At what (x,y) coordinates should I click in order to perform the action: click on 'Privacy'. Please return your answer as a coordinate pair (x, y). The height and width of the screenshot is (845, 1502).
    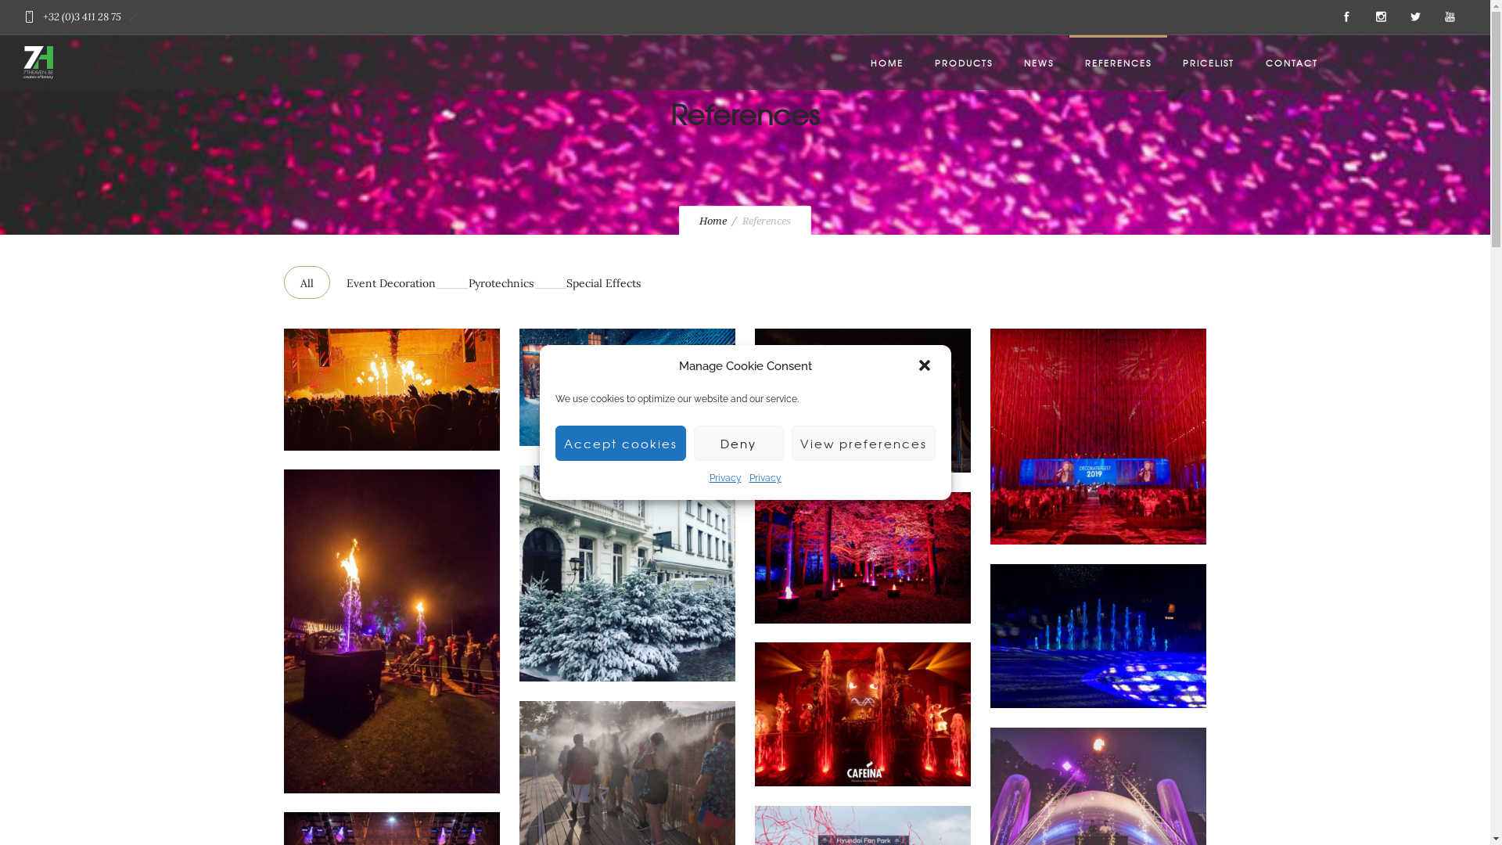
    Looking at the image, I should click on (765, 477).